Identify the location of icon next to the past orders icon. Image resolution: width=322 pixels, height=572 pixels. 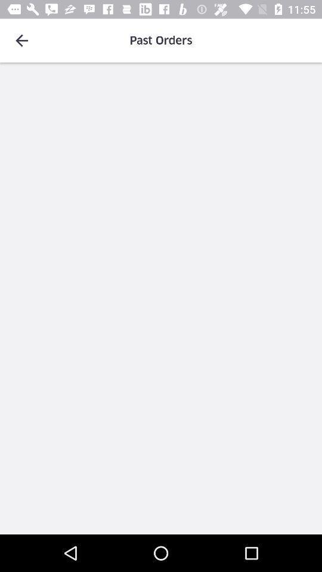
(21, 41).